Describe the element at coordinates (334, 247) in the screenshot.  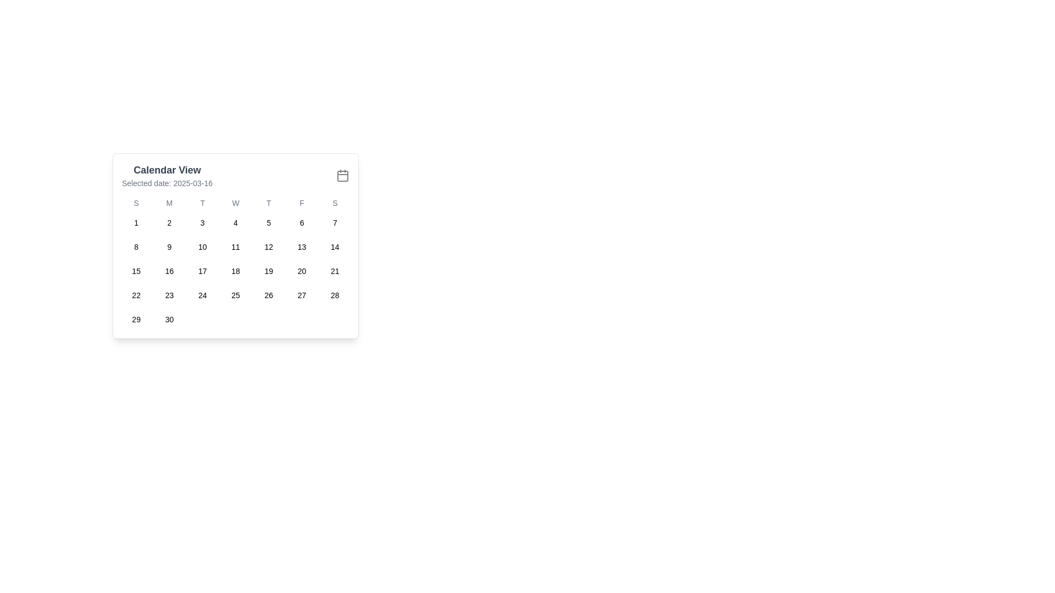
I see `the Calendar Day Cell displaying the number '14', which is positioned in the third row and seventh column of the grid under the 'Calendar View' section` at that location.